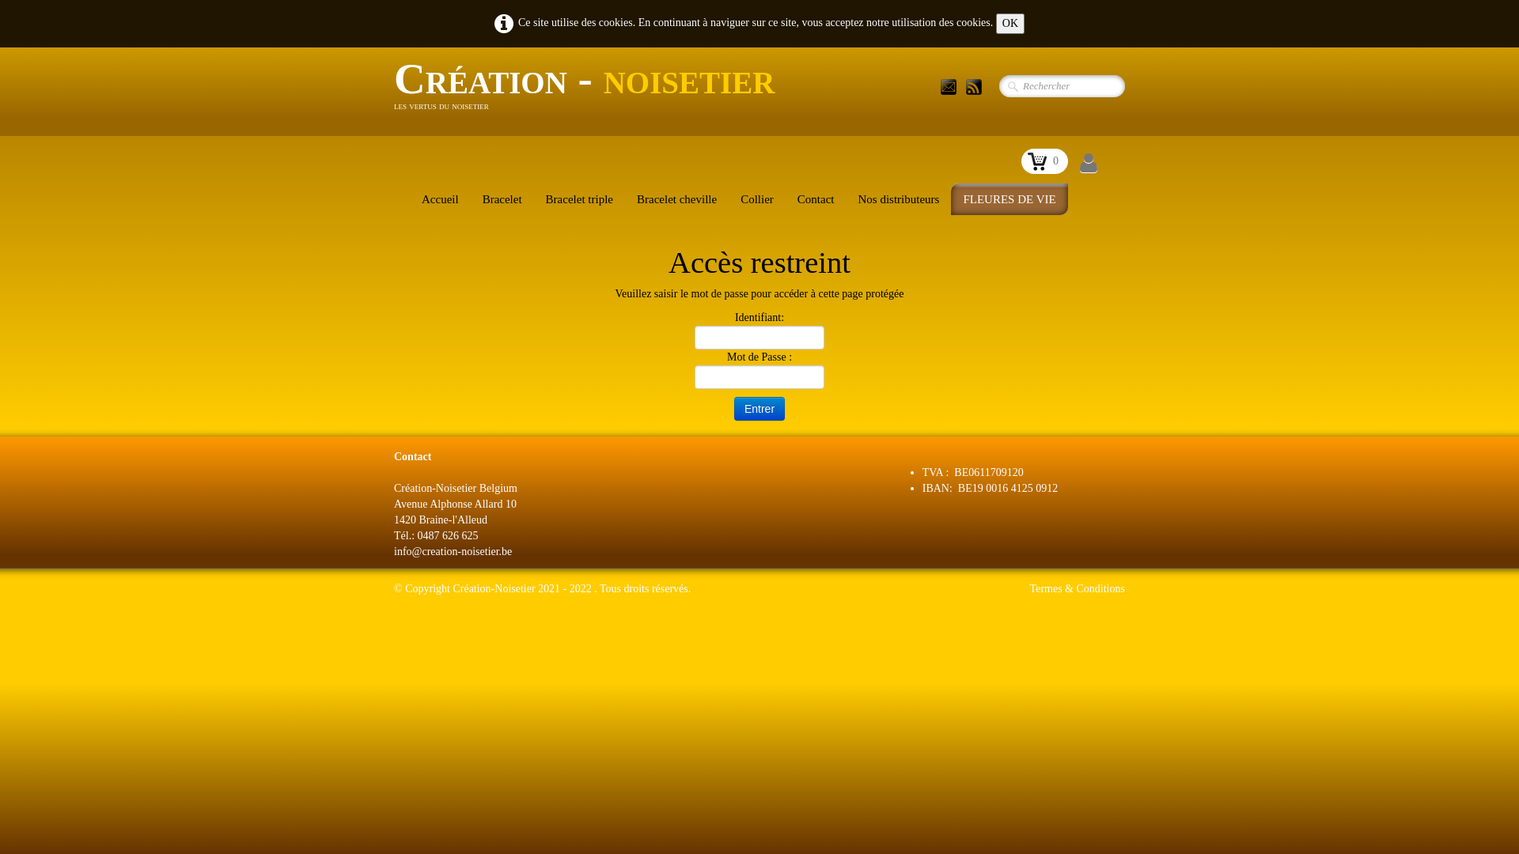 This screenshot has height=854, width=1519. I want to click on '0', so click(1044, 161).